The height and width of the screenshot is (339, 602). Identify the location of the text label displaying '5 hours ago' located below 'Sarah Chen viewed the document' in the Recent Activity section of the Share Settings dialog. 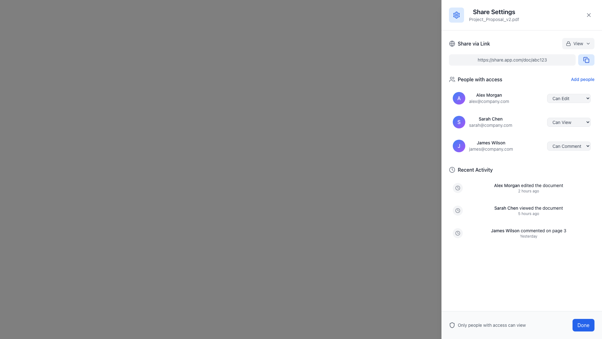
(528, 213).